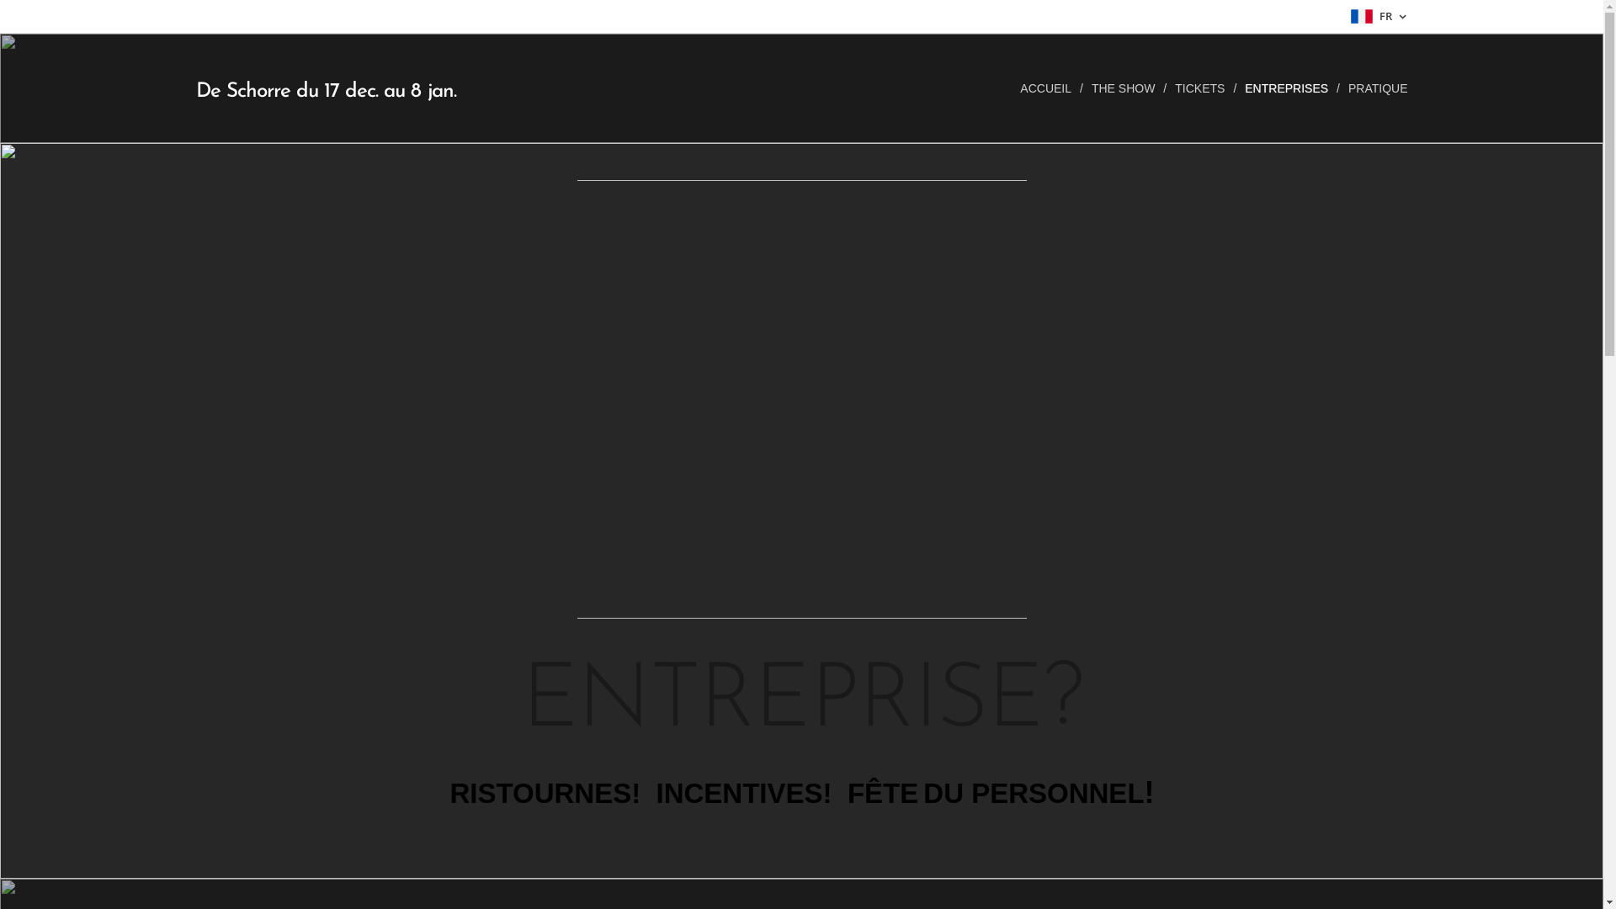 This screenshot has width=1616, height=909. Describe the element at coordinates (326, 88) in the screenshot. I see `'De Schorre du 17 dec. au 8 jan.'` at that location.